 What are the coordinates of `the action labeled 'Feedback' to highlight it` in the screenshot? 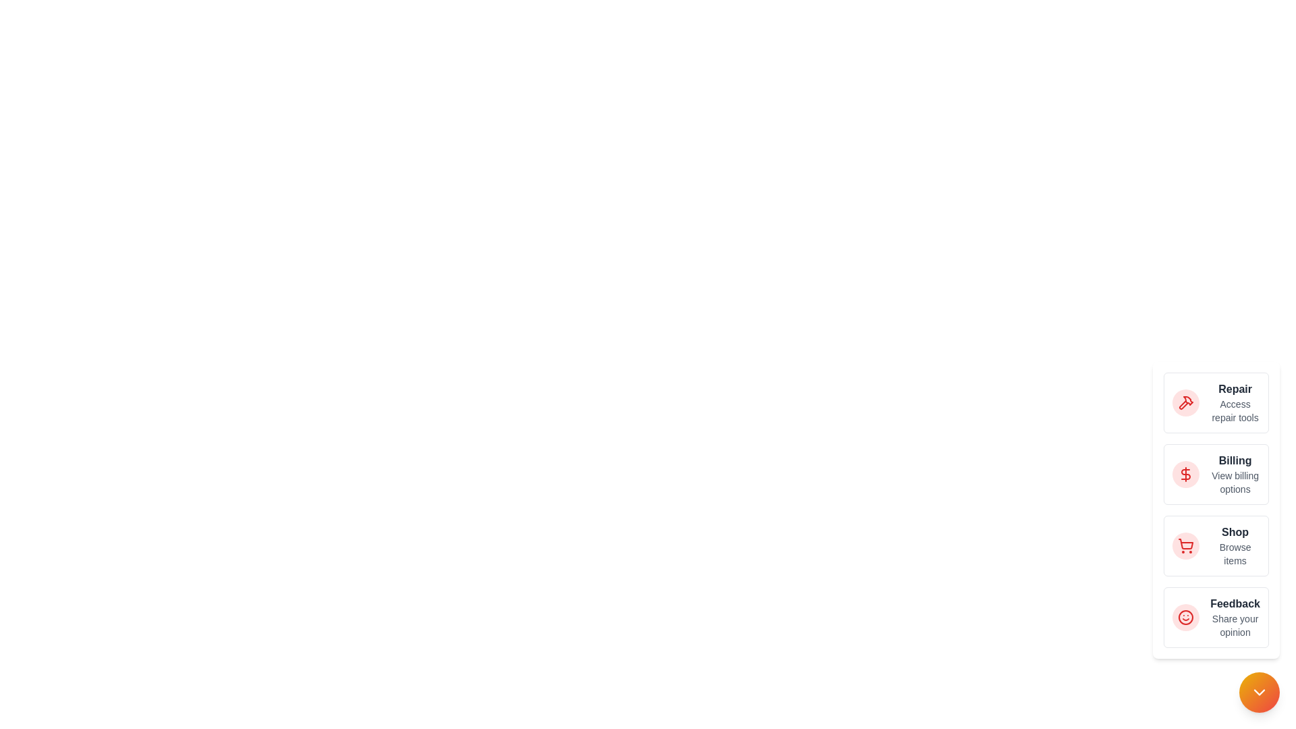 It's located at (1185, 617).